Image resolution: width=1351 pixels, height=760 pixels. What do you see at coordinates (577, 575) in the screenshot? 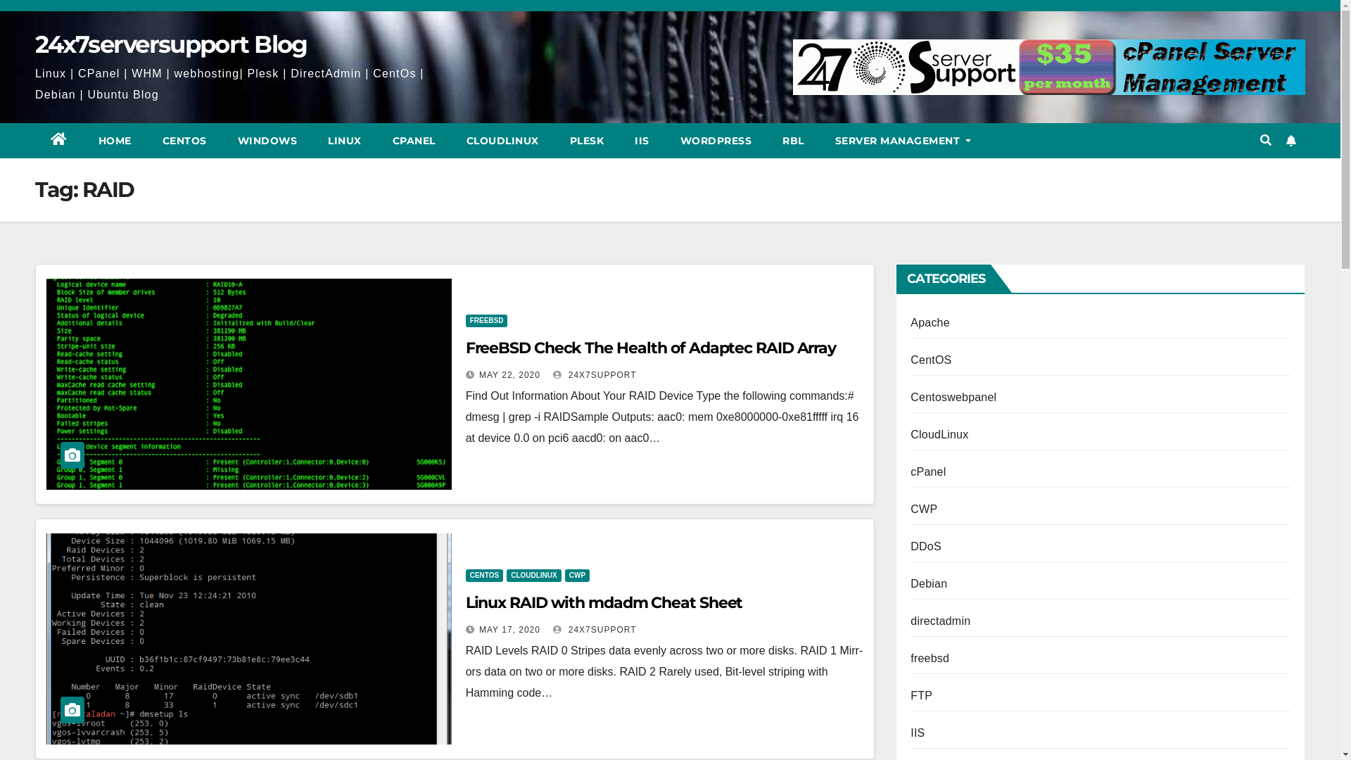
I see `'CWP'` at bounding box center [577, 575].